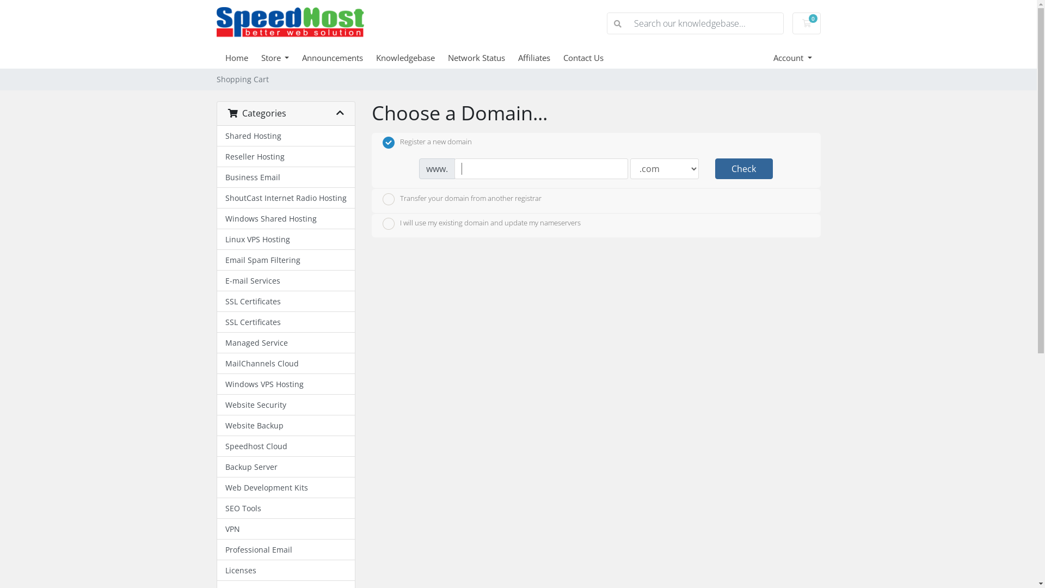 This screenshot has width=1045, height=588. Describe the element at coordinates (285, 280) in the screenshot. I see `'E-mail Services'` at that location.